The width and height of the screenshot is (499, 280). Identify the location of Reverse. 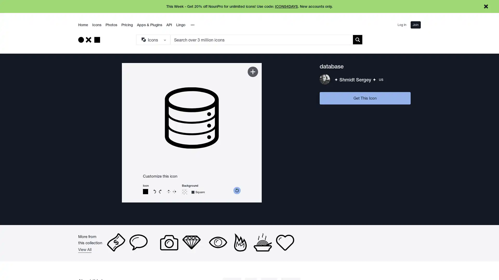
(174, 192).